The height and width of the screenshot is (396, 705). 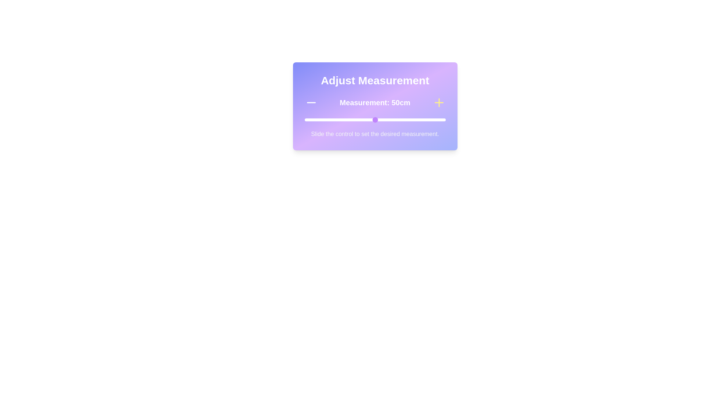 What do you see at coordinates (413, 120) in the screenshot?
I see `the measurement to 77 cm by sliding the control` at bounding box center [413, 120].